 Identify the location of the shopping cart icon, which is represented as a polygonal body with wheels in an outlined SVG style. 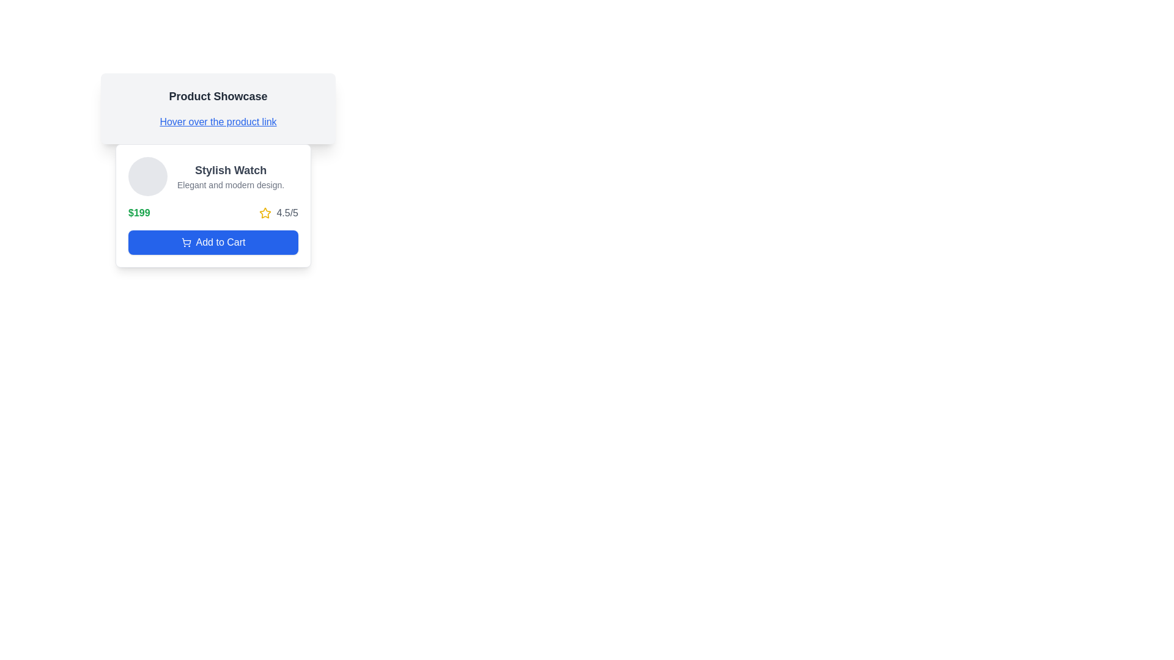
(185, 241).